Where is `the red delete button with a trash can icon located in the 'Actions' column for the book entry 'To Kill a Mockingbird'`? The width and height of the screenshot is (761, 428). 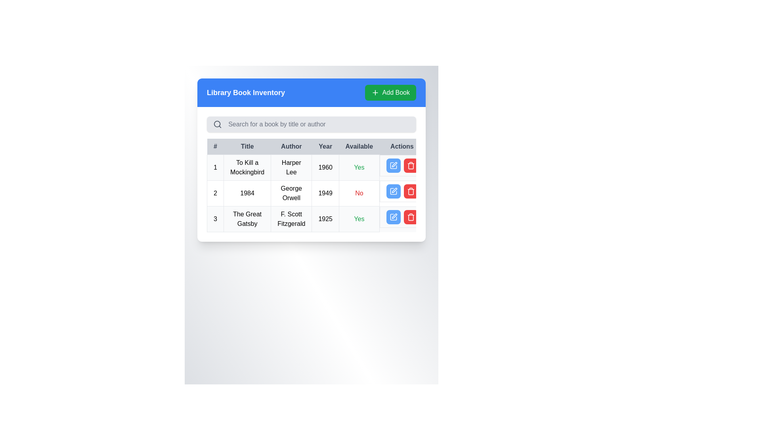
the red delete button with a trash can icon located in the 'Actions' column for the book entry 'To Kill a Mockingbird' is located at coordinates (411, 165).